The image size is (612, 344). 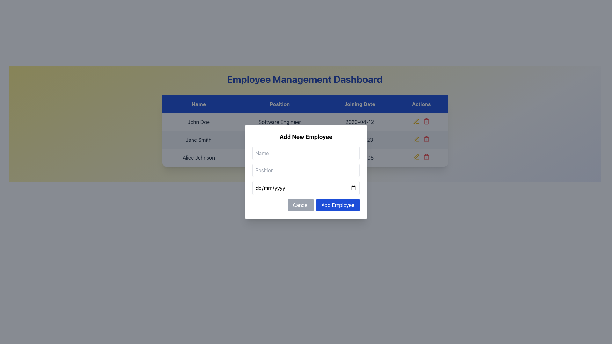 What do you see at coordinates (421, 104) in the screenshot?
I see `the 'Actions' text label, which is the rightmost column header in the table indicating action-related items` at bounding box center [421, 104].